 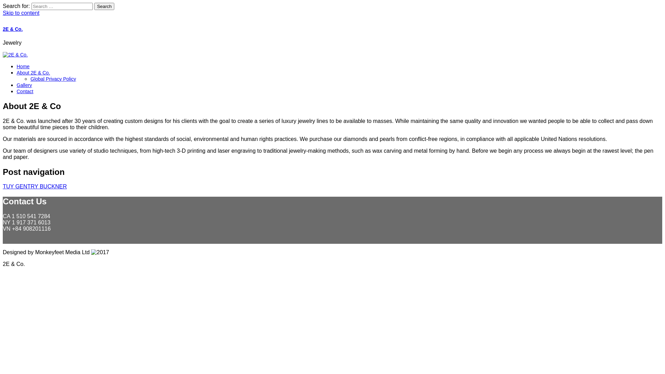 What do you see at coordinates (34, 186) in the screenshot?
I see `'TUY GENTRY BUCKNER'` at bounding box center [34, 186].